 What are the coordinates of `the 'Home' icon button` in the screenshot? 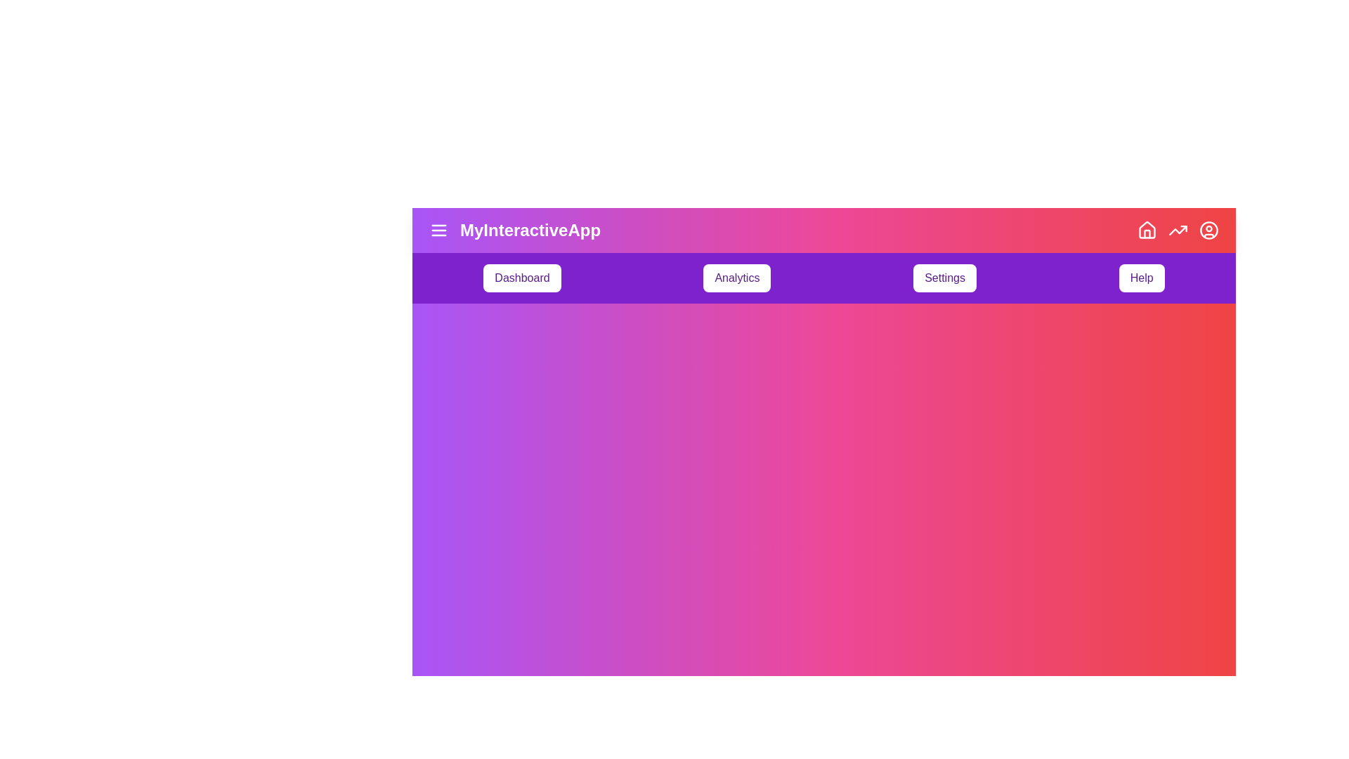 It's located at (1147, 229).